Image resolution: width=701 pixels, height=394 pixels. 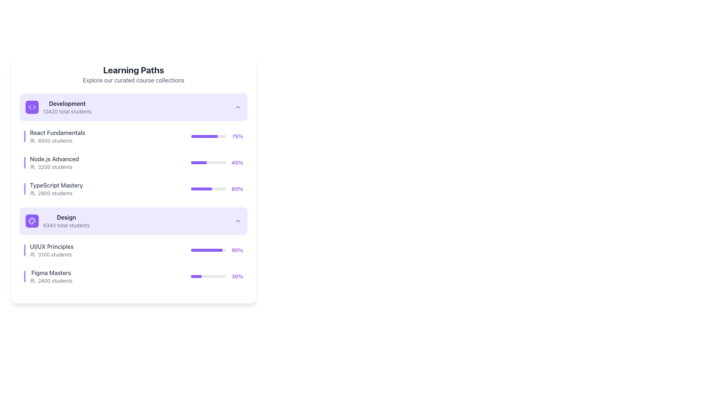 I want to click on the text label displaying the total number of students associated with the 'Design' category, located in the lower section of the purple card group, so click(x=66, y=225).